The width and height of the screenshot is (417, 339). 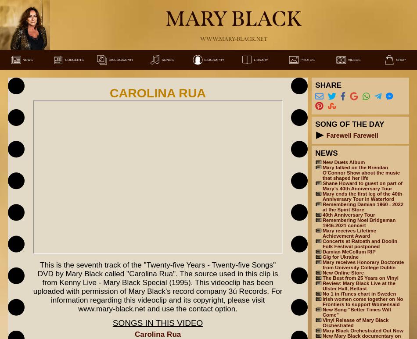 I want to click on 'Remembering Damian 1960 - 2022 at the Spirit Store', so click(x=362, y=206).